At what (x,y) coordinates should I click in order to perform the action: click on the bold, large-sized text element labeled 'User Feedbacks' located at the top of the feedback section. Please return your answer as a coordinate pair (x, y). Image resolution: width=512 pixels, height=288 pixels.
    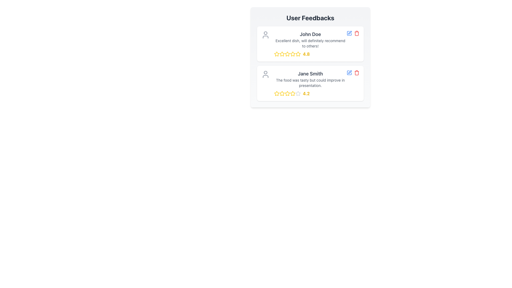
    Looking at the image, I should click on (310, 17).